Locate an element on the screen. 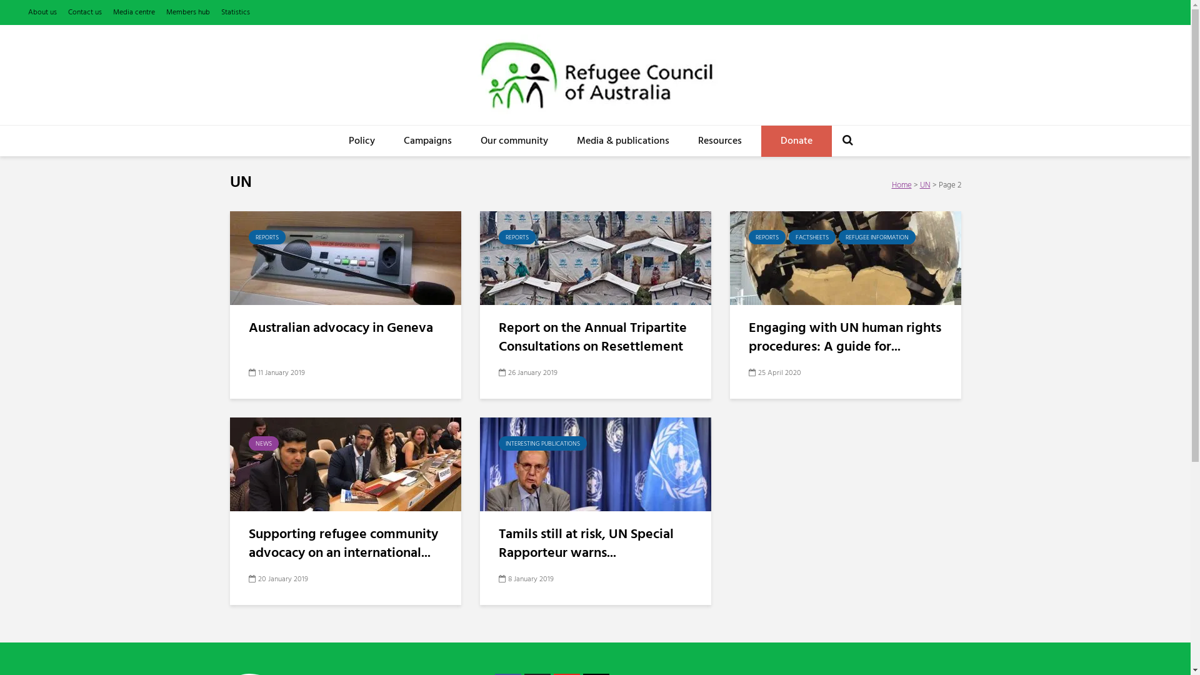 This screenshot has height=675, width=1200. 'Donate' is located at coordinates (796, 141).